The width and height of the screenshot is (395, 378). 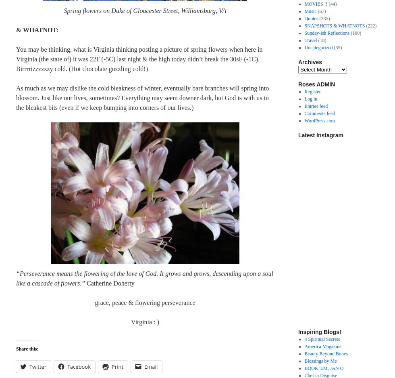 What do you see at coordinates (16, 59) in the screenshot?
I see `'You may be thinking, what is Virginia thinking posting a picture of spring flowers when here in Virginia (the state of) it was 22F (-5C) last night & the high today didn’t break the 30sF (-1C).  Birrrrizzzzzzy cold. (Hot chocolate guzzling cold!)'` at bounding box center [16, 59].